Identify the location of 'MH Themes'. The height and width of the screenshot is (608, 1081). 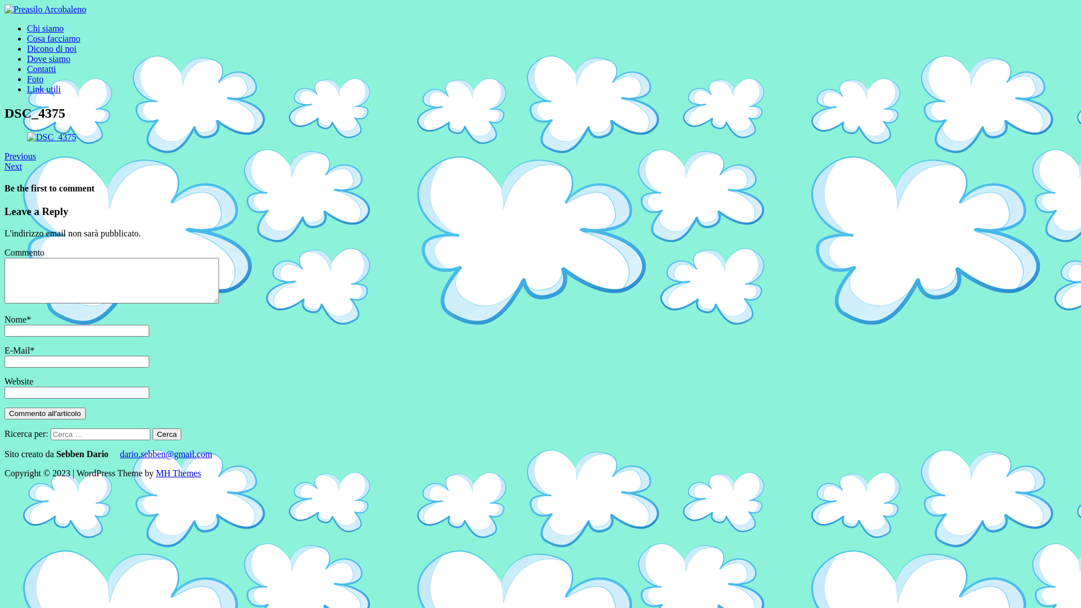
(177, 473).